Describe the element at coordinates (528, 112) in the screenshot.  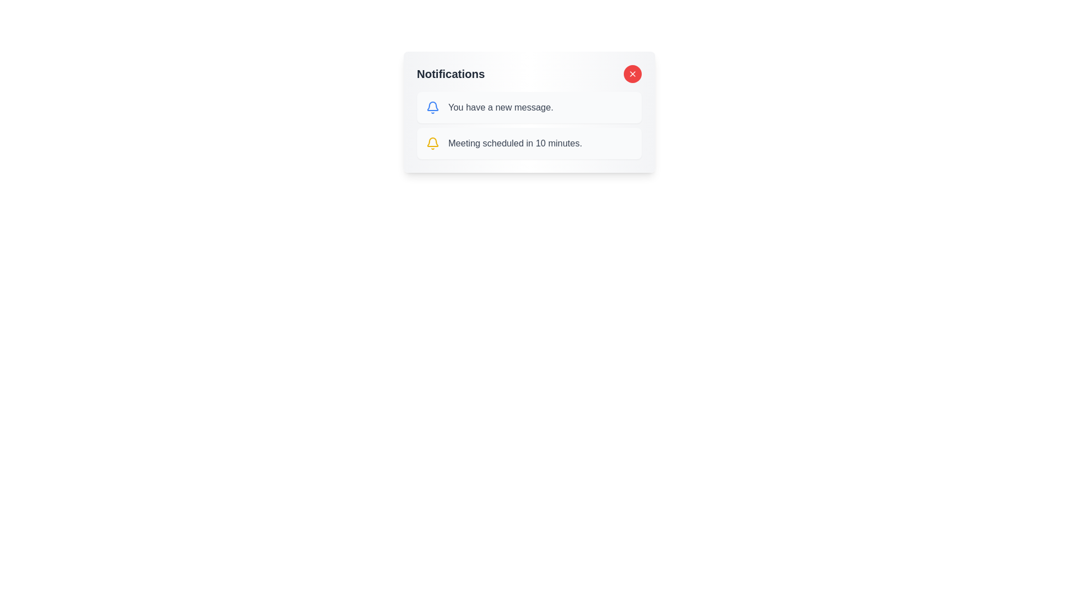
I see `notifications from the Notification Panel, which has a heading labeled 'Notifications' and contains multiple entries` at that location.